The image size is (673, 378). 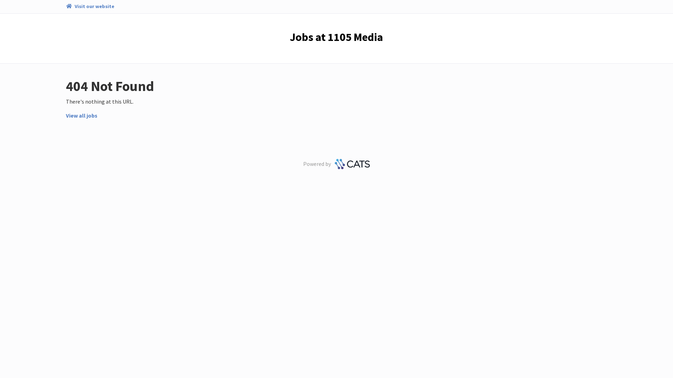 I want to click on 'Visit our website', so click(x=89, y=7).